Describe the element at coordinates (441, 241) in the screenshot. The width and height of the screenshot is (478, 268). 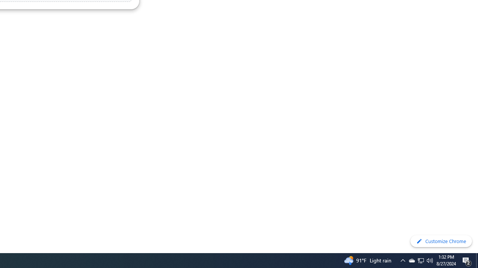
I see `'Customize Chrome'` at that location.